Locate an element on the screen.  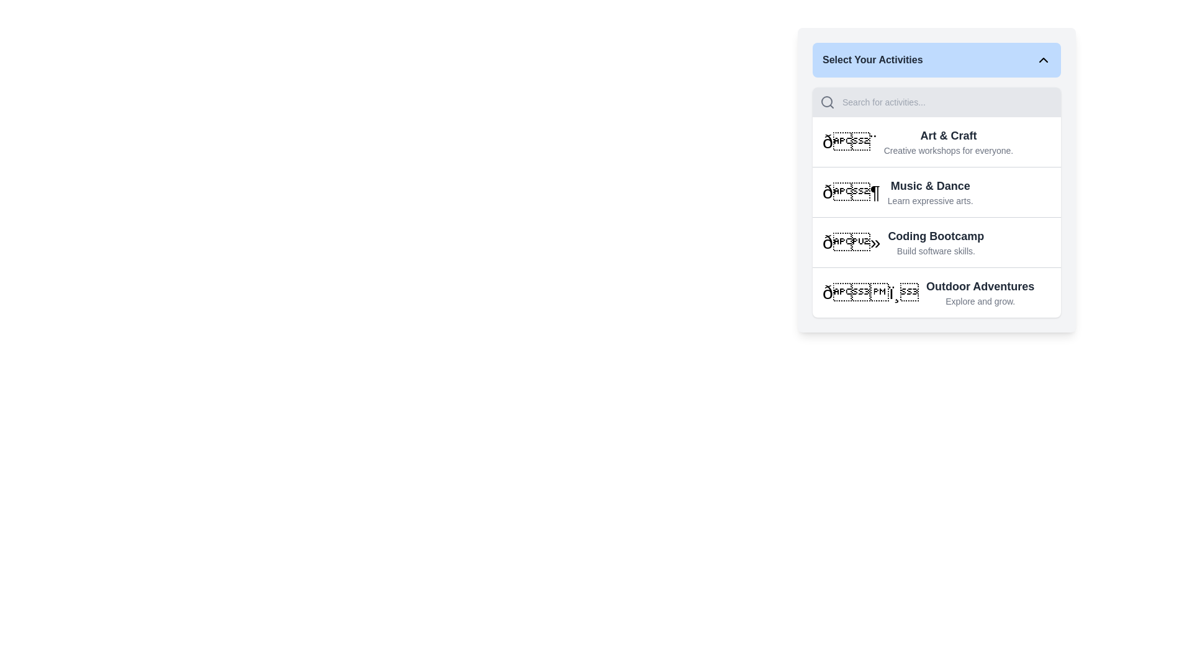
to select the 'Art & Craft' option, which features a palette emoji, bold title, and a subtitle indicating creative workshops for everyone is located at coordinates (936, 141).